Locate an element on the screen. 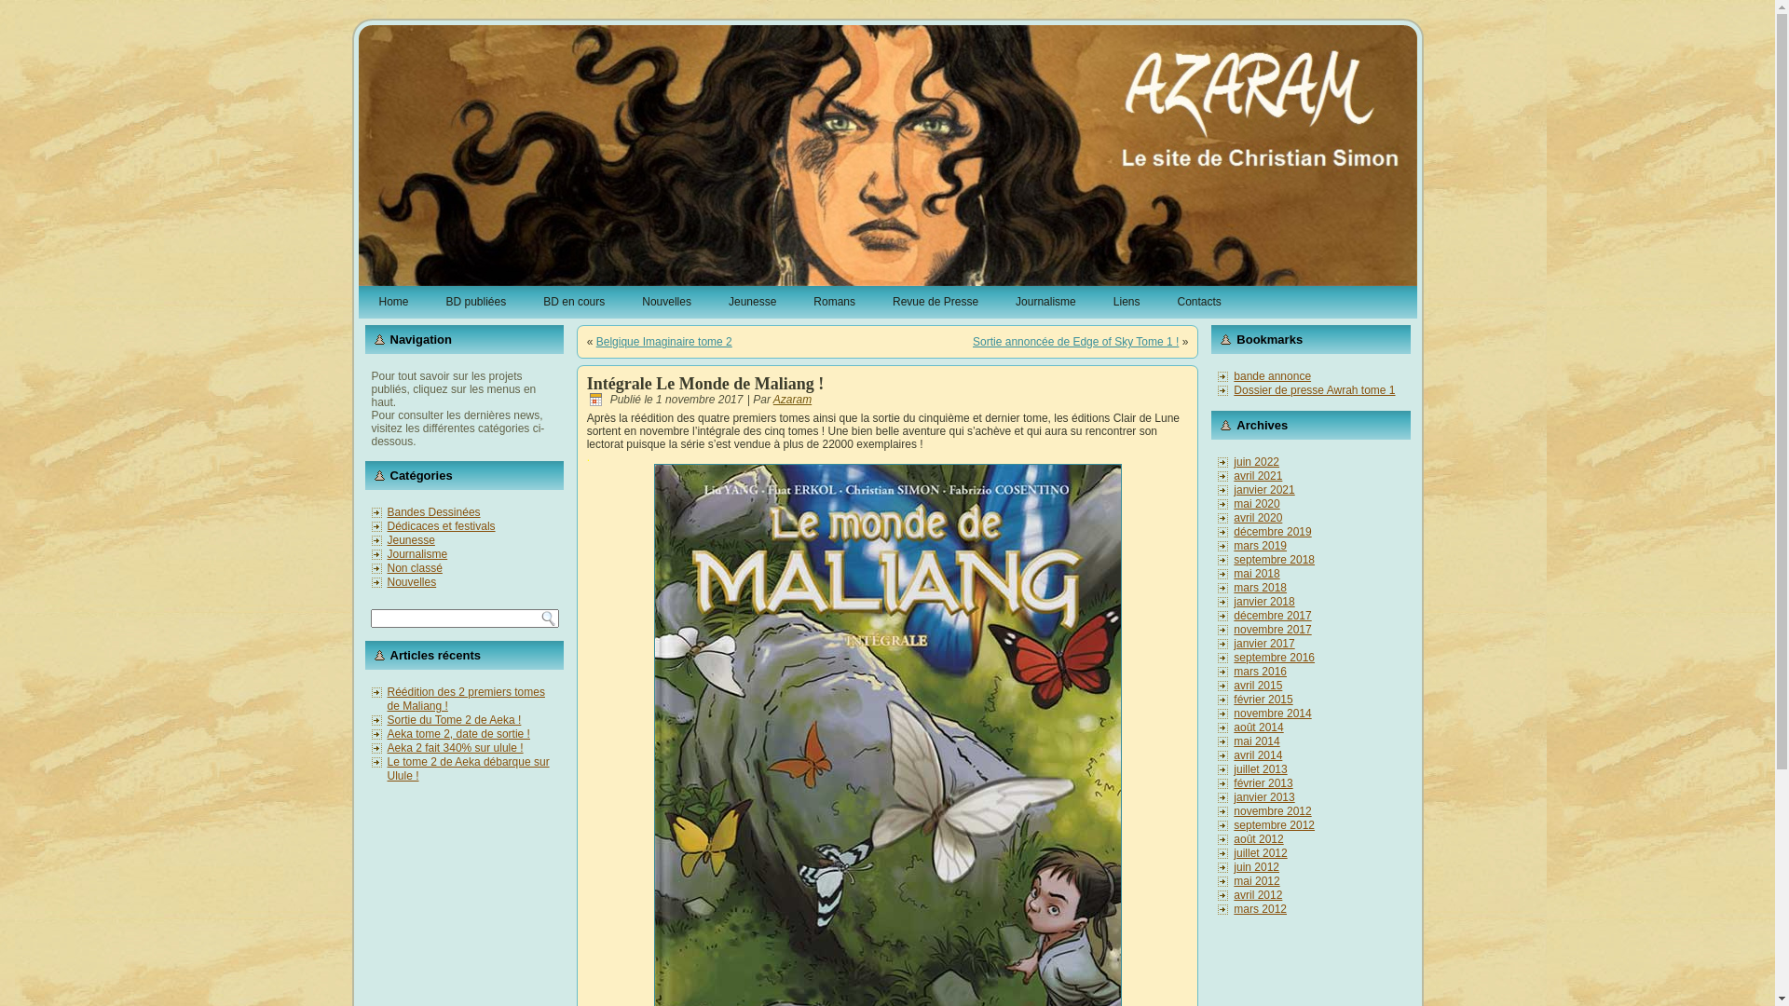 The image size is (1789, 1006). 'Nouvelles' is located at coordinates (387, 580).